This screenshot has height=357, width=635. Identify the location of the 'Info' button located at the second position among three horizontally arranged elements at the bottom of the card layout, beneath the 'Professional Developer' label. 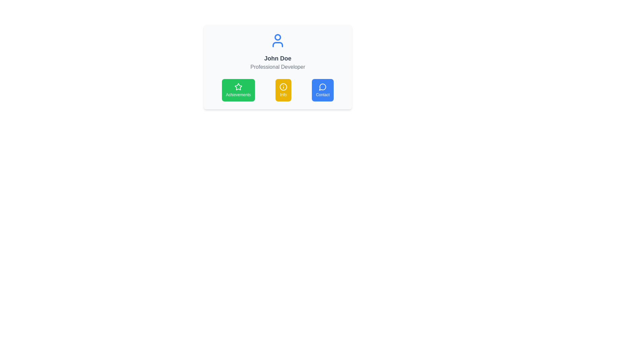
(283, 86).